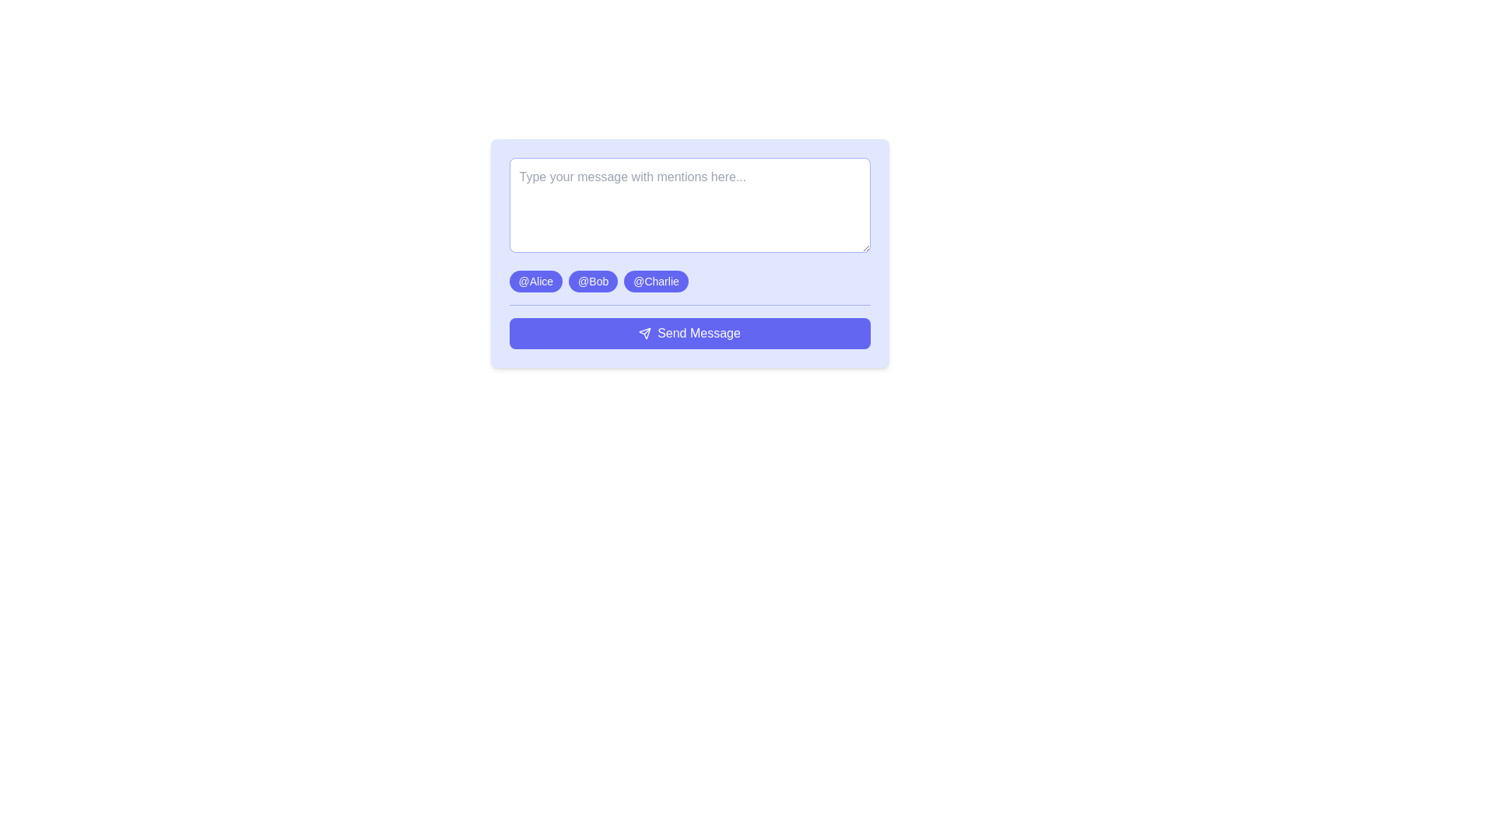 The image size is (1494, 840). What do you see at coordinates (689, 305) in the screenshot?
I see `the indigo horizontal Separator line located centrally between the user tags ('@Alice', '@Bob', '@Charlie') and the 'Send Message' button` at bounding box center [689, 305].